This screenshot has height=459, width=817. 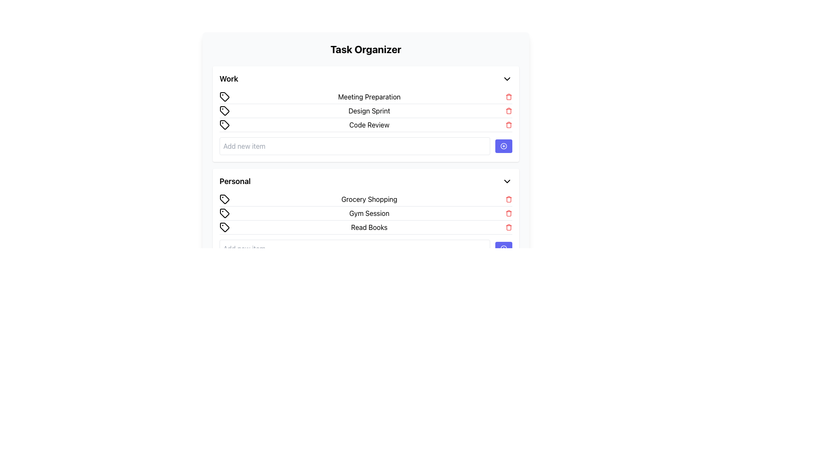 What do you see at coordinates (355, 249) in the screenshot?
I see `to select text in the text input field located in the 'Personal' section of the organizer, positioned below the list of tasks and aligned with a blue button` at bounding box center [355, 249].